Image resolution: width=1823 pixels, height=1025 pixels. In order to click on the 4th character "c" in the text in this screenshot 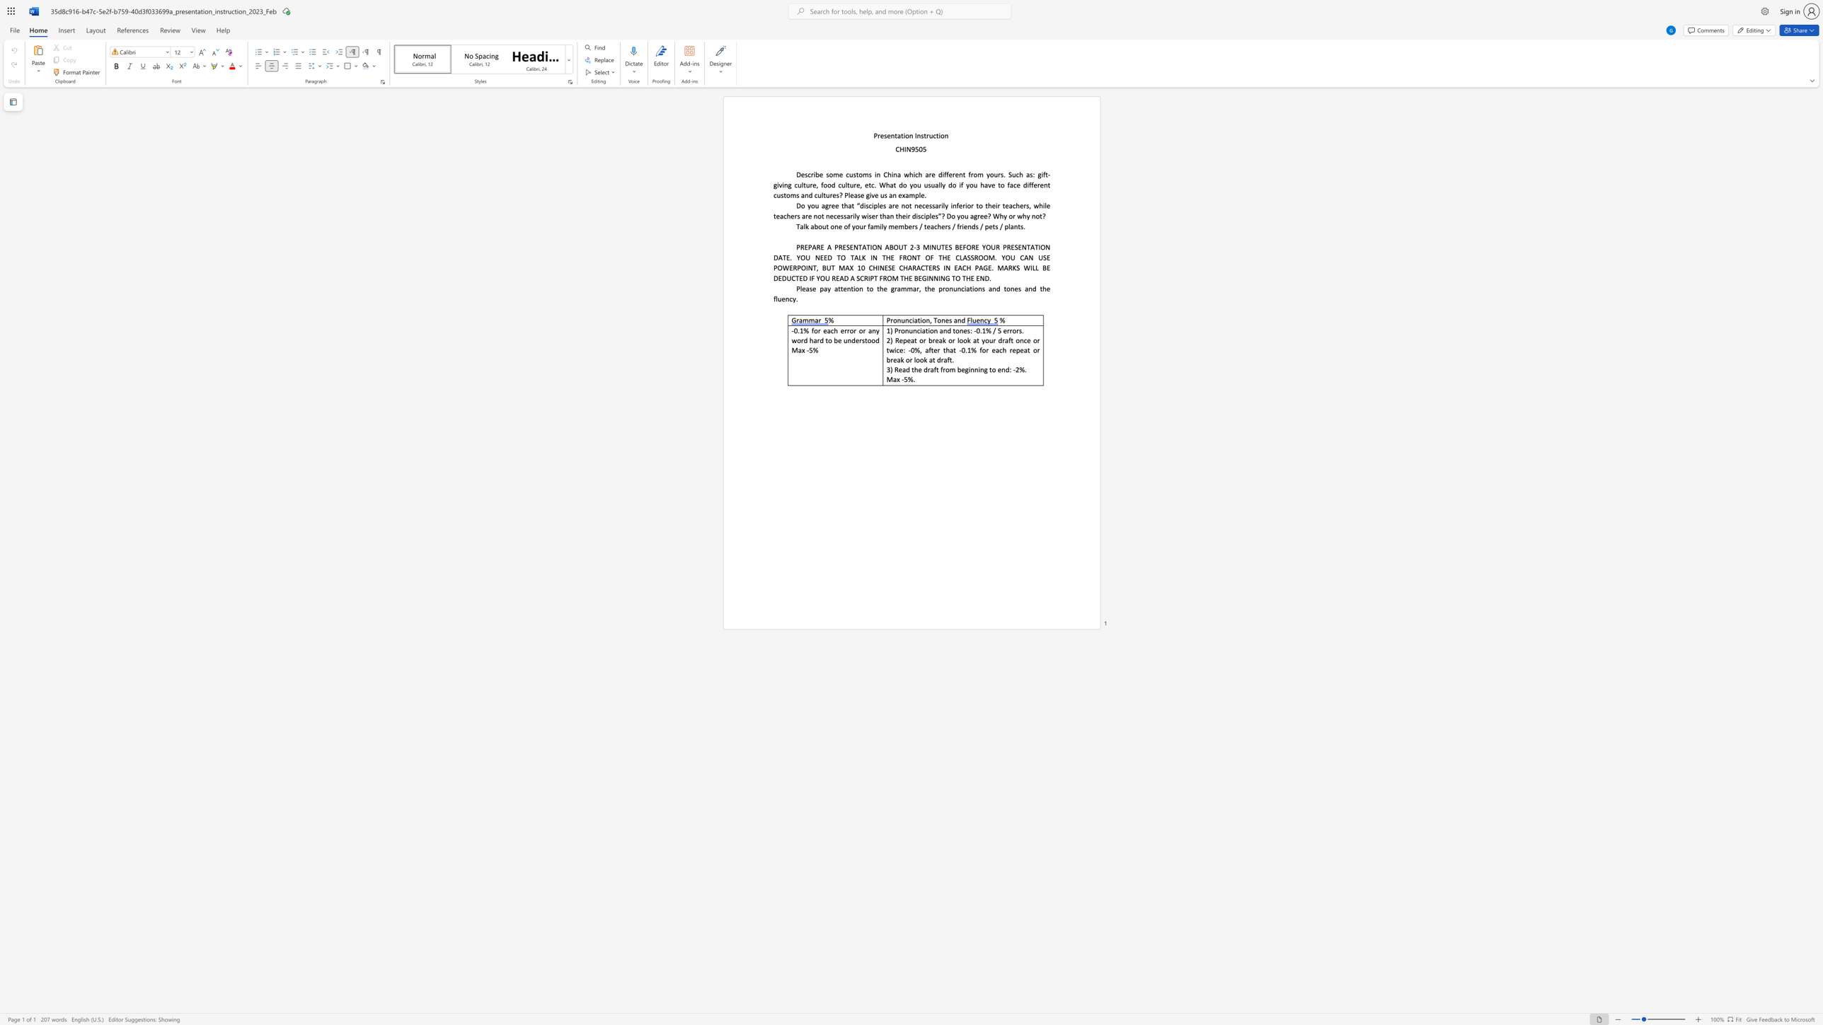, I will do `click(784, 216)`.